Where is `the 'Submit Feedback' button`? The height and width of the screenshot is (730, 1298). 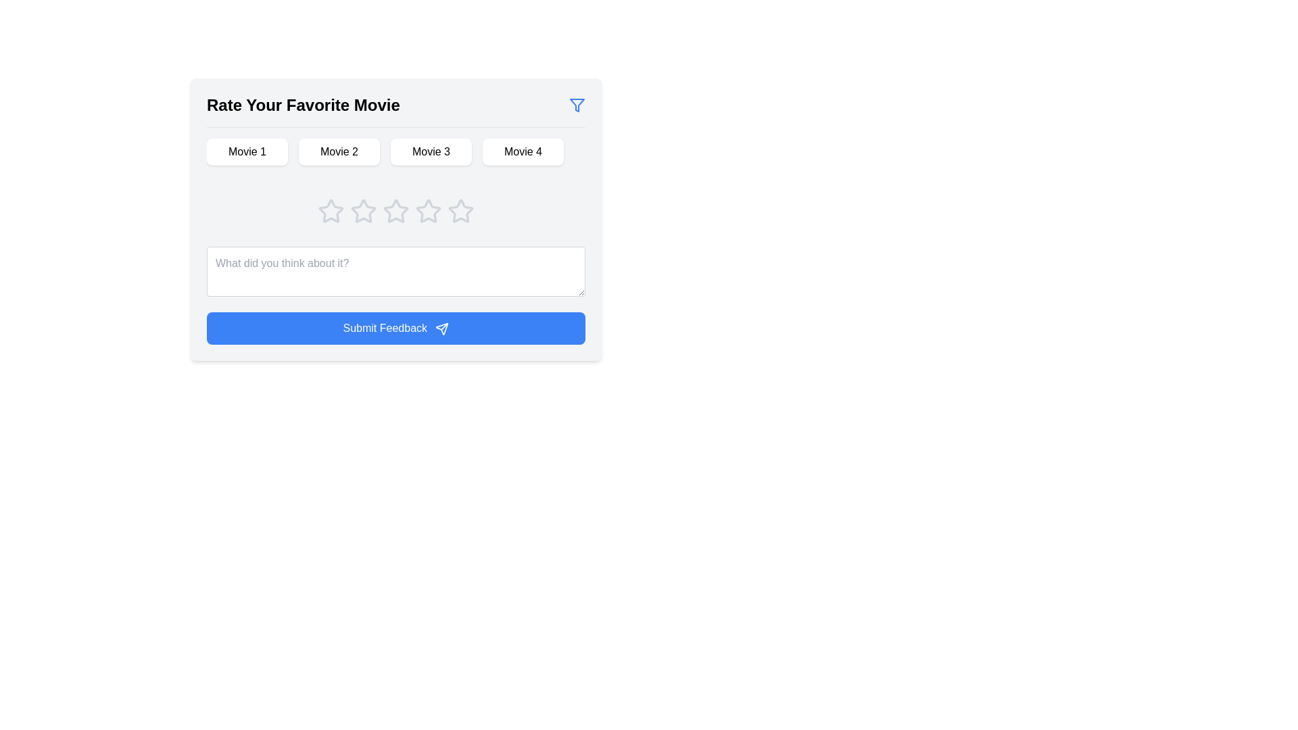 the 'Submit Feedback' button is located at coordinates (395, 328).